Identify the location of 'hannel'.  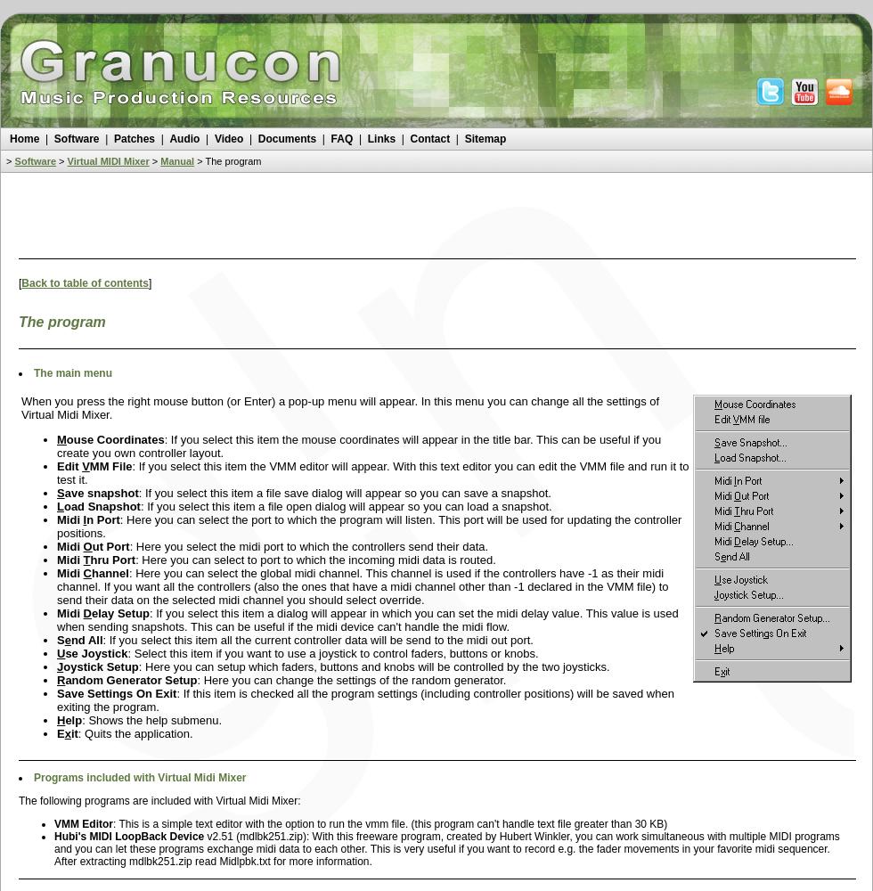
(110, 573).